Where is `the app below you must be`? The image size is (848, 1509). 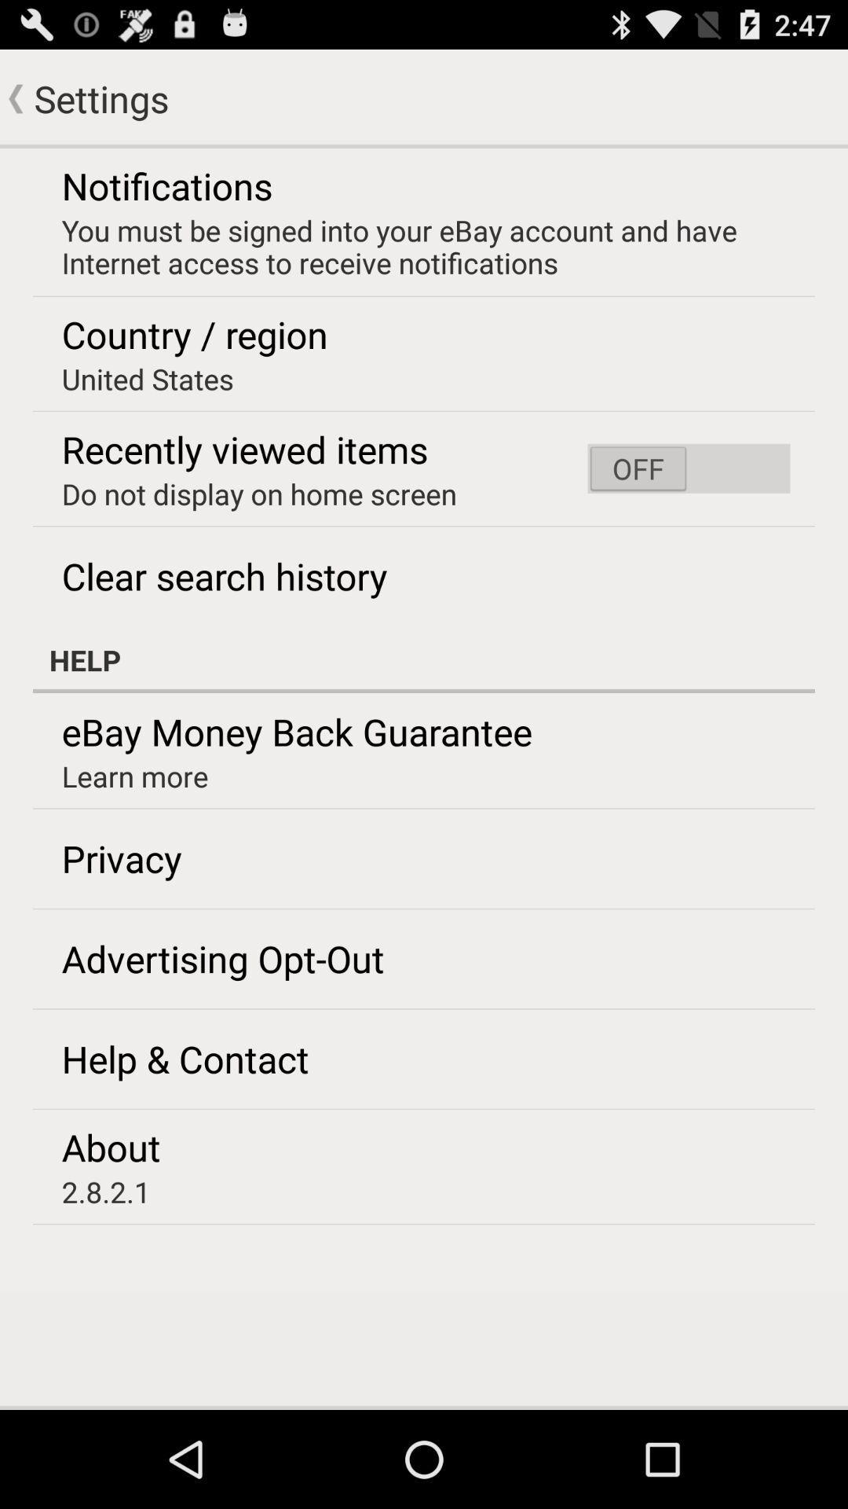
the app below you must be is located at coordinates (688, 468).